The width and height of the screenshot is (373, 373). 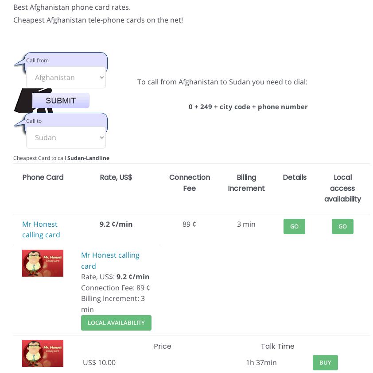 What do you see at coordinates (88, 158) in the screenshot?
I see `'Sudan-Landline'` at bounding box center [88, 158].